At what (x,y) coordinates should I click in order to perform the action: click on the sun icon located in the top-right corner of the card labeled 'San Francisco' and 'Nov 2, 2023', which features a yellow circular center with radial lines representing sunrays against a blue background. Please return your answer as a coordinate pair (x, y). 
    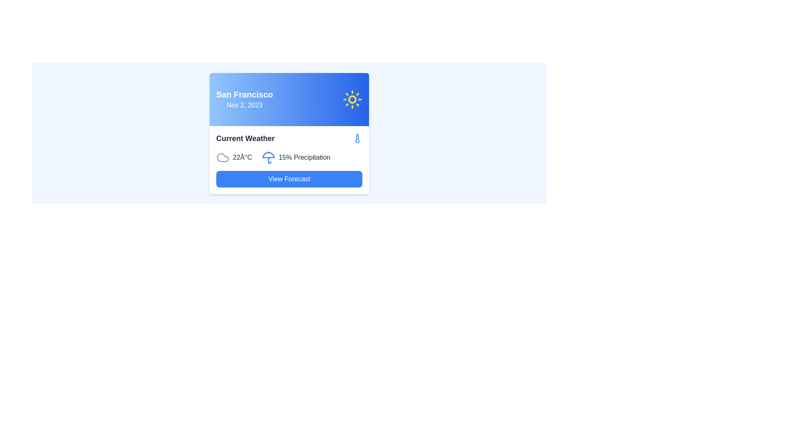
    Looking at the image, I should click on (352, 99).